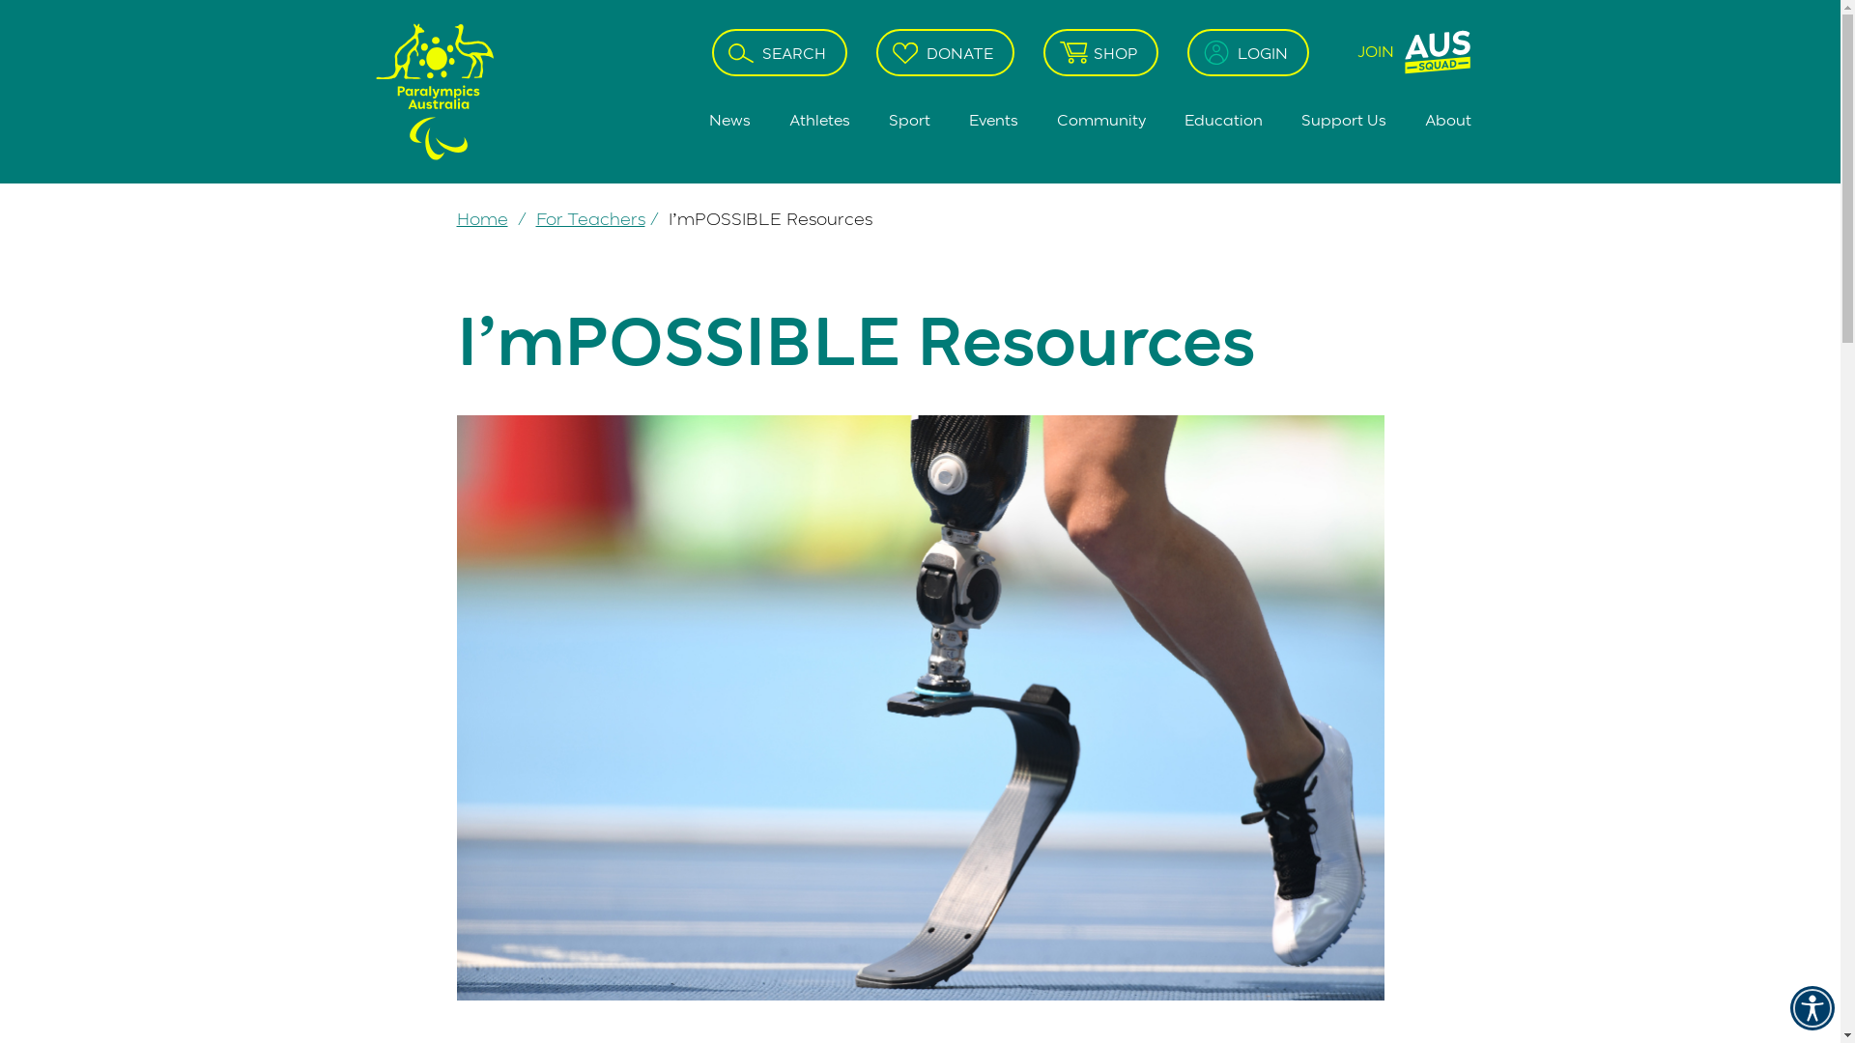 The width and height of the screenshot is (1855, 1043). Describe the element at coordinates (992, 119) in the screenshot. I see `'Events'` at that location.